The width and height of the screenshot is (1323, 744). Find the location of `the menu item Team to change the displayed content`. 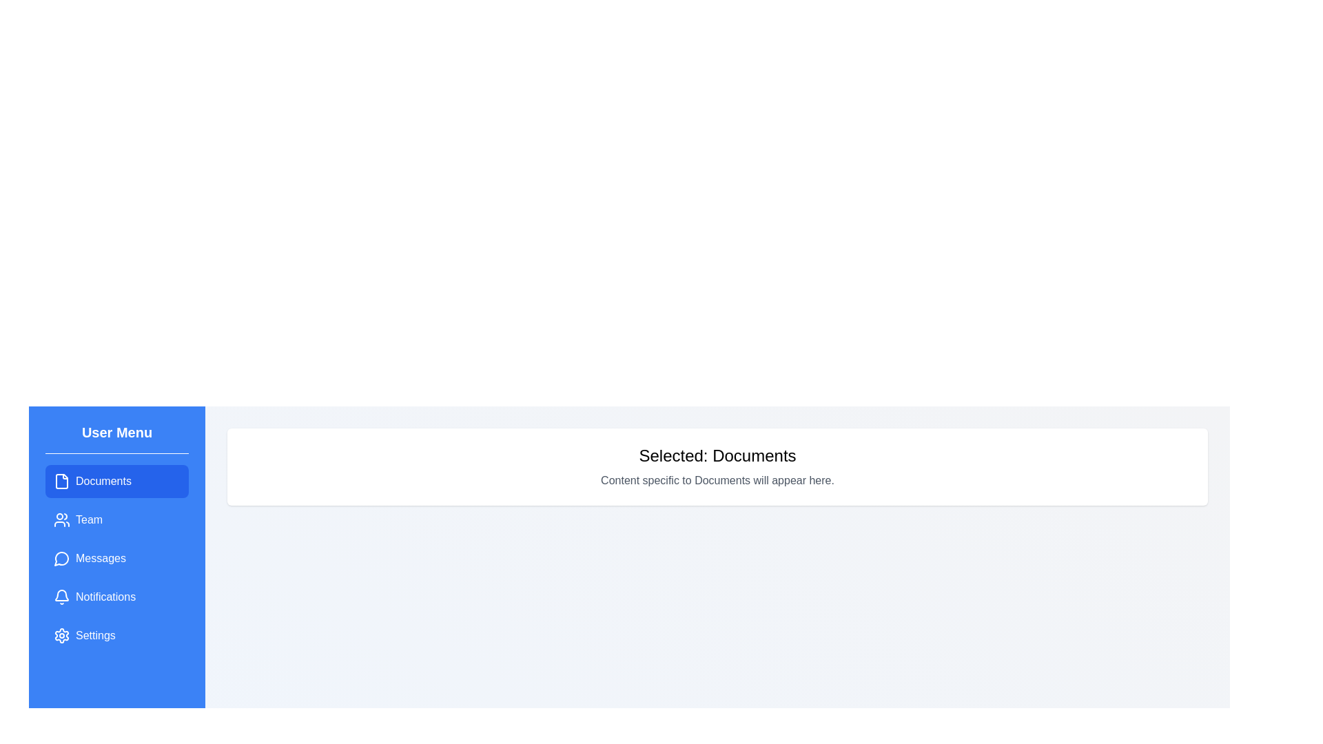

the menu item Team to change the displayed content is located at coordinates (116, 520).